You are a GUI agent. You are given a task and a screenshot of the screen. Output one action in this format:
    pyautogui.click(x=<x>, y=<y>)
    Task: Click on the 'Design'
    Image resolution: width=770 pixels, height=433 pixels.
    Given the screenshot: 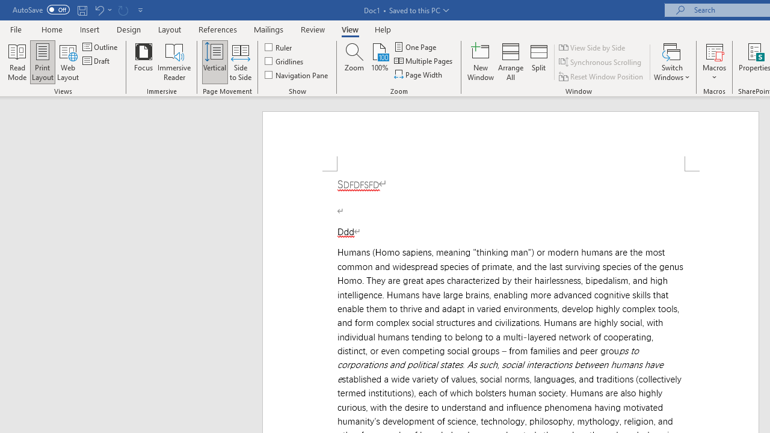 What is the action you would take?
    pyautogui.click(x=129, y=29)
    